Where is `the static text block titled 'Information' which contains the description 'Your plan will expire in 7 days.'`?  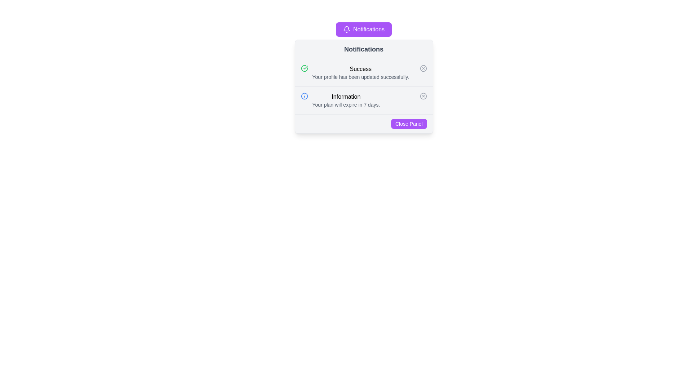 the static text block titled 'Information' which contains the description 'Your plan will expire in 7 days.' is located at coordinates (346, 100).